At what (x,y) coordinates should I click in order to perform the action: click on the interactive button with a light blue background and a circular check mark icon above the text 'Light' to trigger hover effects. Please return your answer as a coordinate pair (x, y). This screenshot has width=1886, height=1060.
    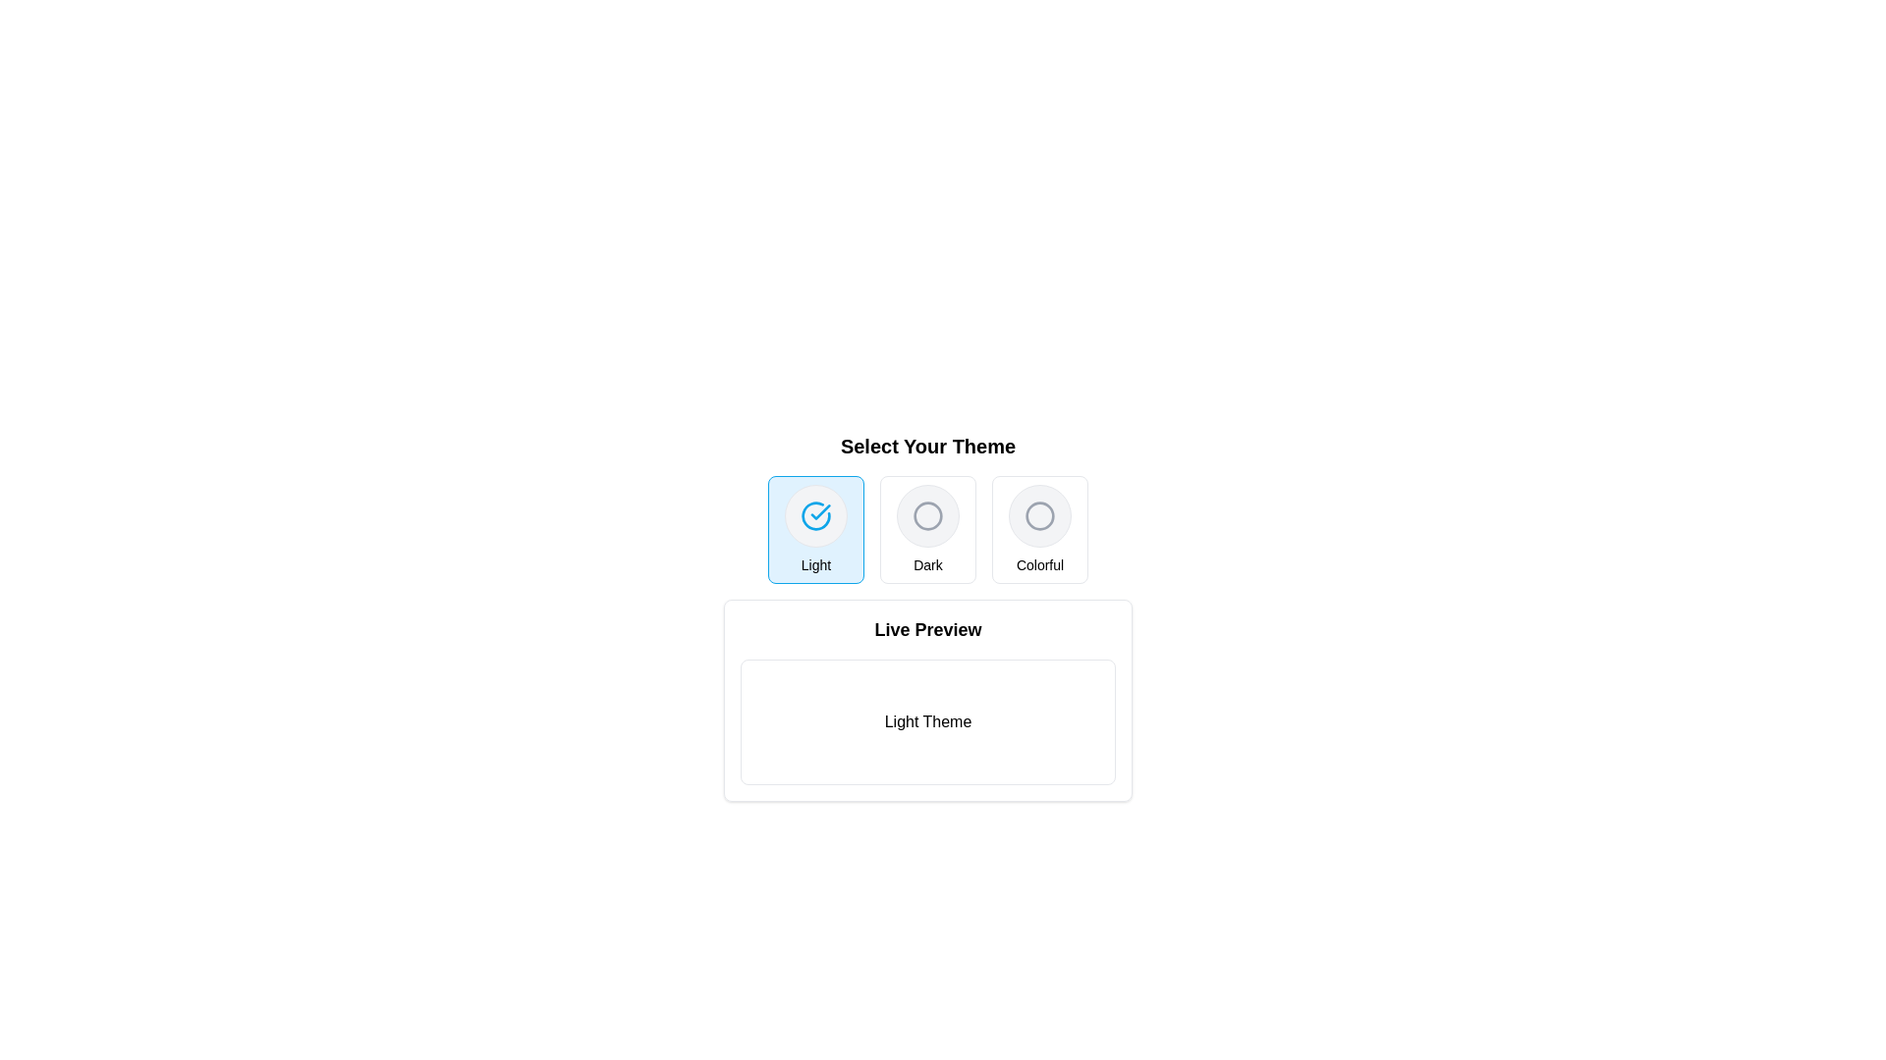
    Looking at the image, I should click on (815, 530).